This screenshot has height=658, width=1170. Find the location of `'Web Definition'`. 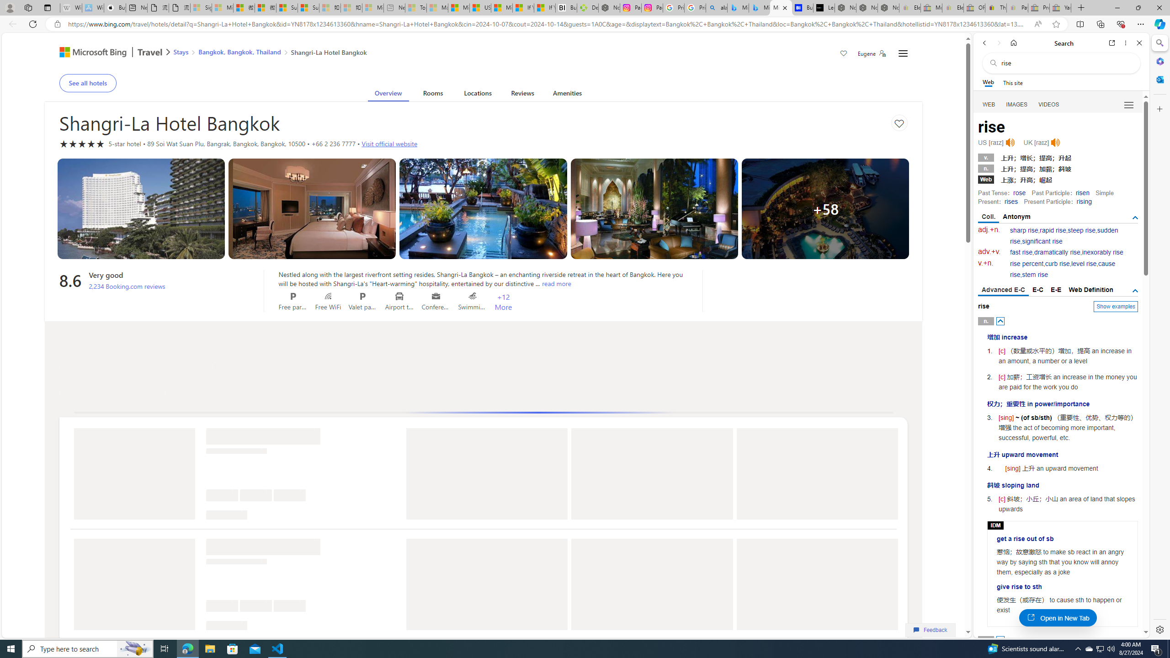

'Web Definition' is located at coordinates (1090, 289).